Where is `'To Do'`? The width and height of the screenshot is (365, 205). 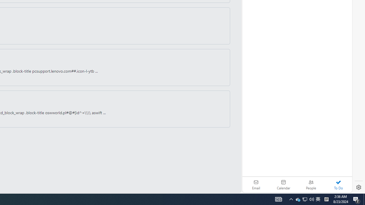 'To Do' is located at coordinates (338, 184).